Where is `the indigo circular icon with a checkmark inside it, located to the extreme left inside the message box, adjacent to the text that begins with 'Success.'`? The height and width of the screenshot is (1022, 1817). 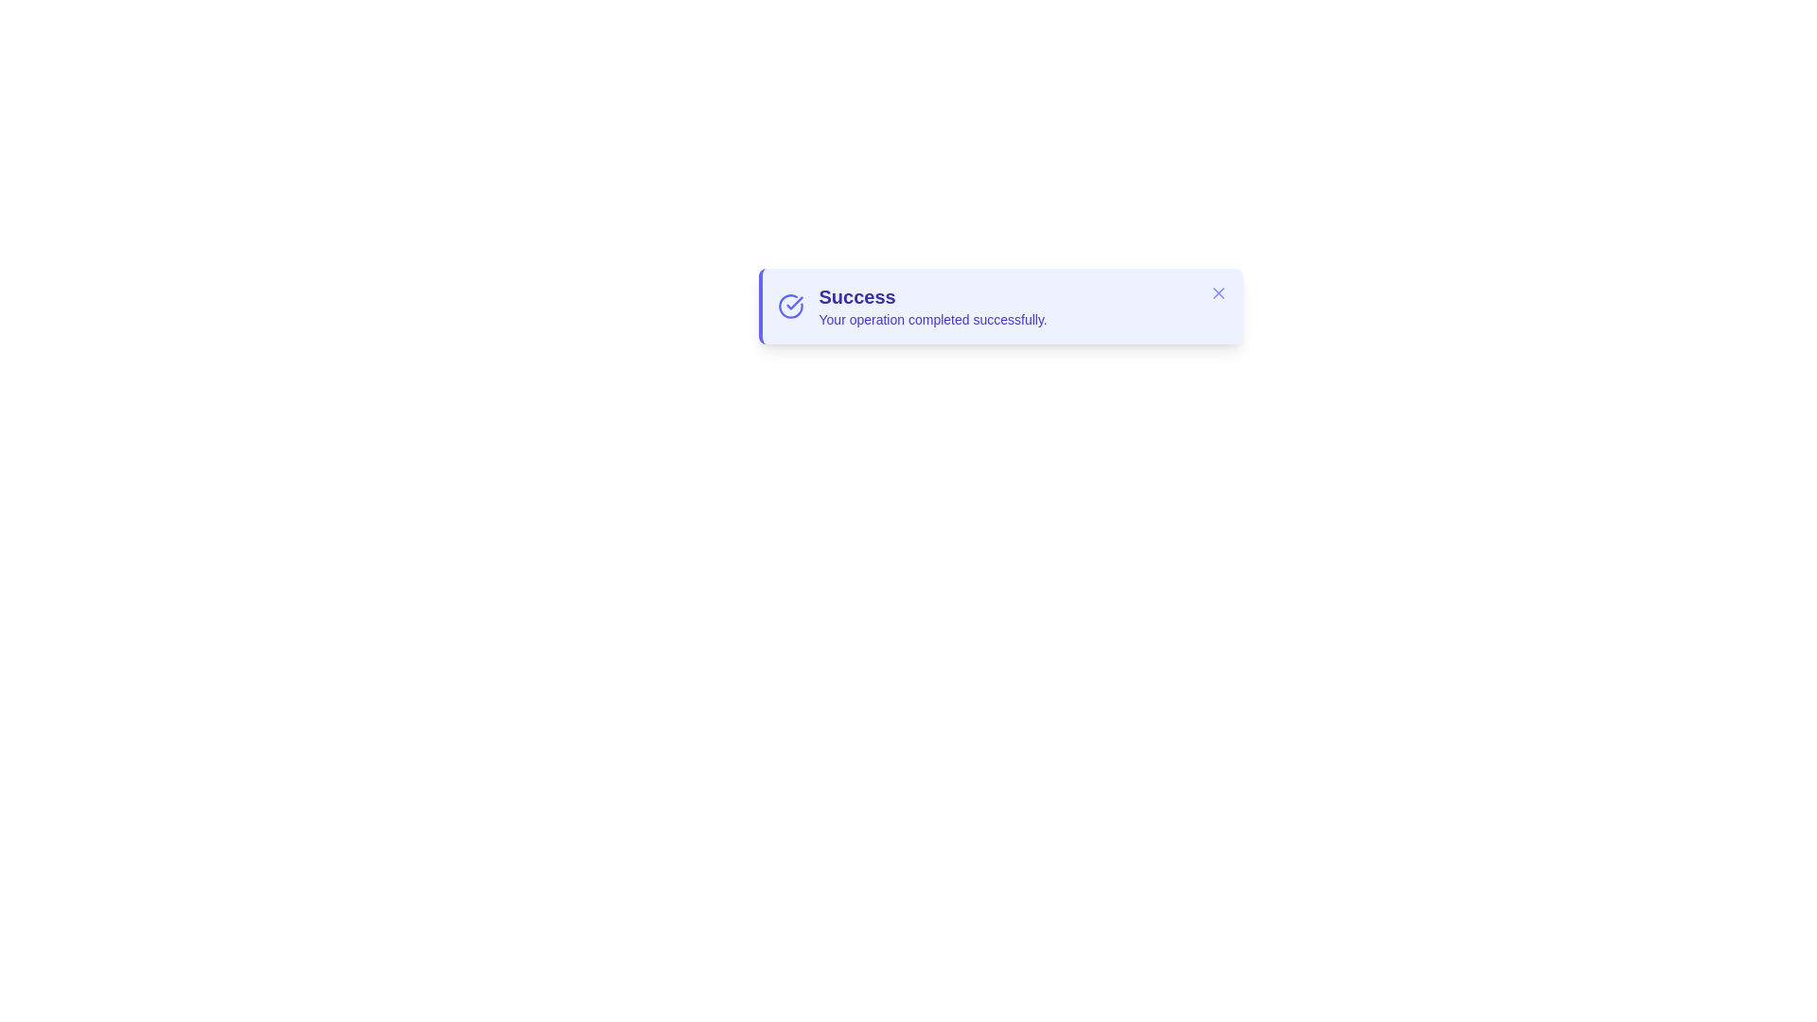
the indigo circular icon with a checkmark inside it, located to the extreme left inside the message box, adjacent to the text that begins with 'Success.' is located at coordinates (790, 306).